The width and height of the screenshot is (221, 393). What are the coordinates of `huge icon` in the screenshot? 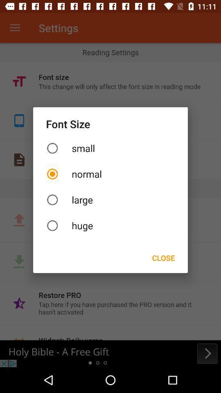 It's located at (110, 226).